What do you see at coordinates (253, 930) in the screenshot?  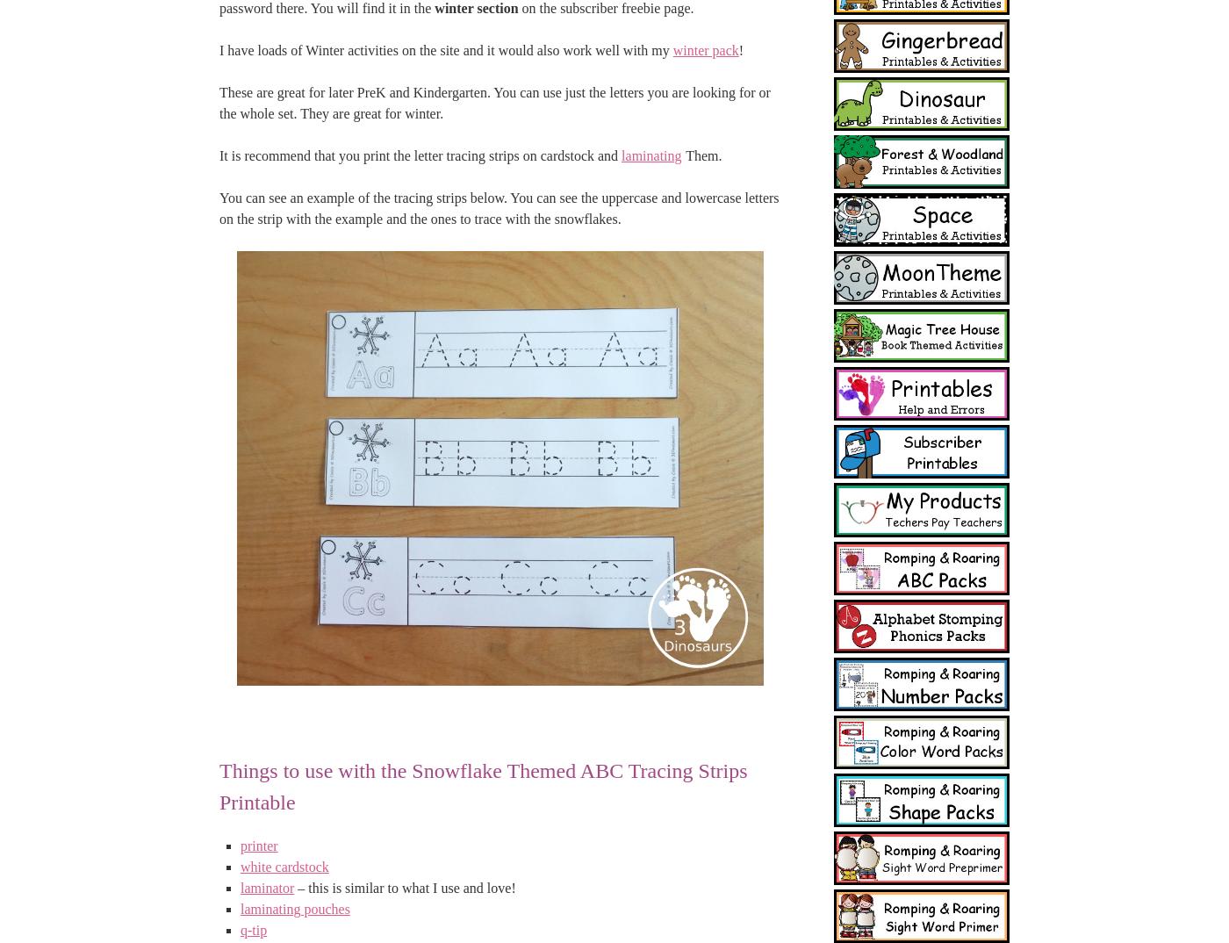 I see `'q-tip'` at bounding box center [253, 930].